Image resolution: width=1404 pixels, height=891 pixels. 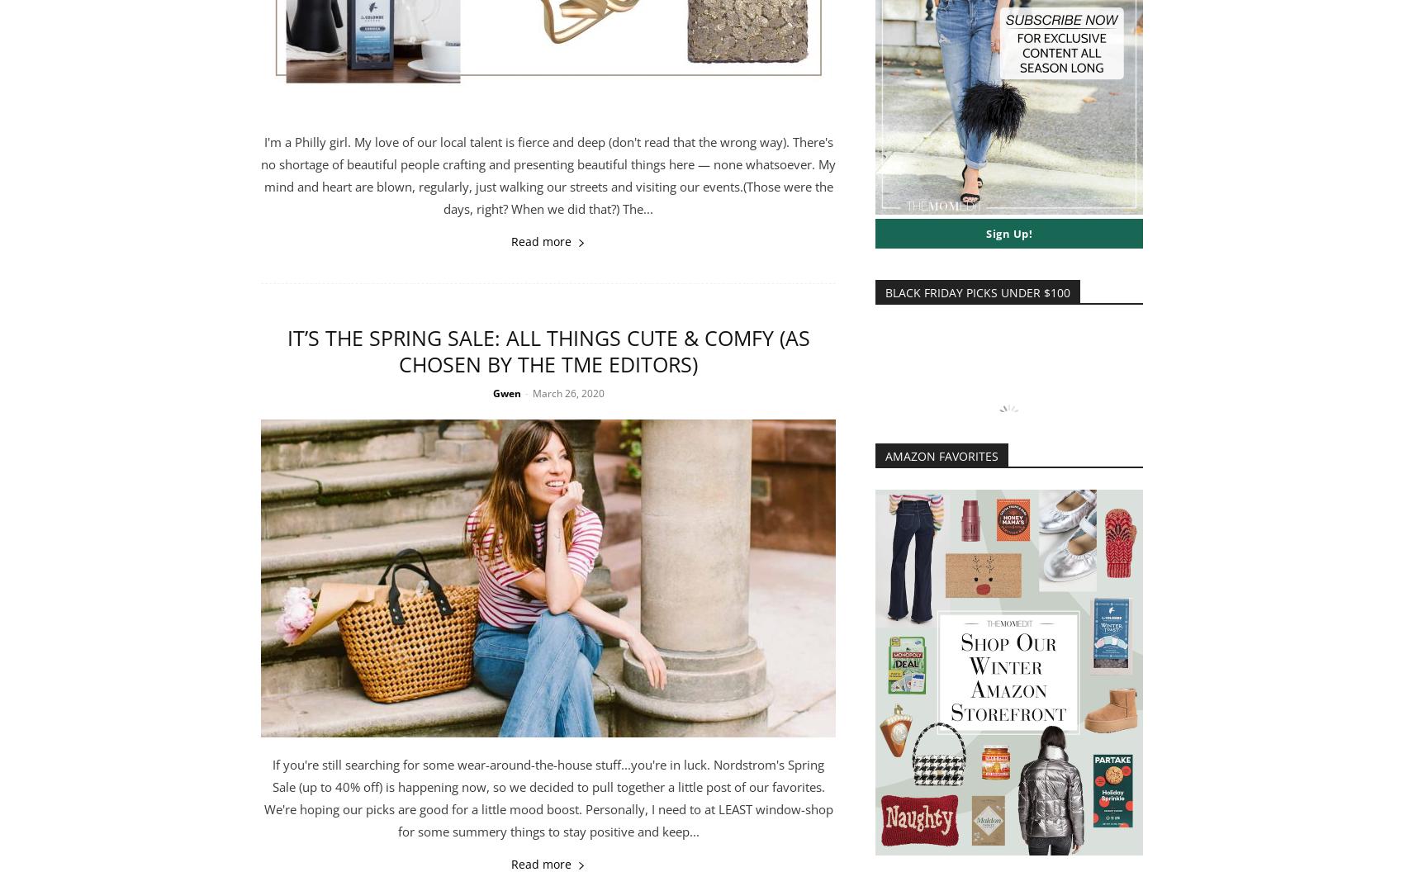 What do you see at coordinates (491, 392) in the screenshot?
I see `'Gwen'` at bounding box center [491, 392].